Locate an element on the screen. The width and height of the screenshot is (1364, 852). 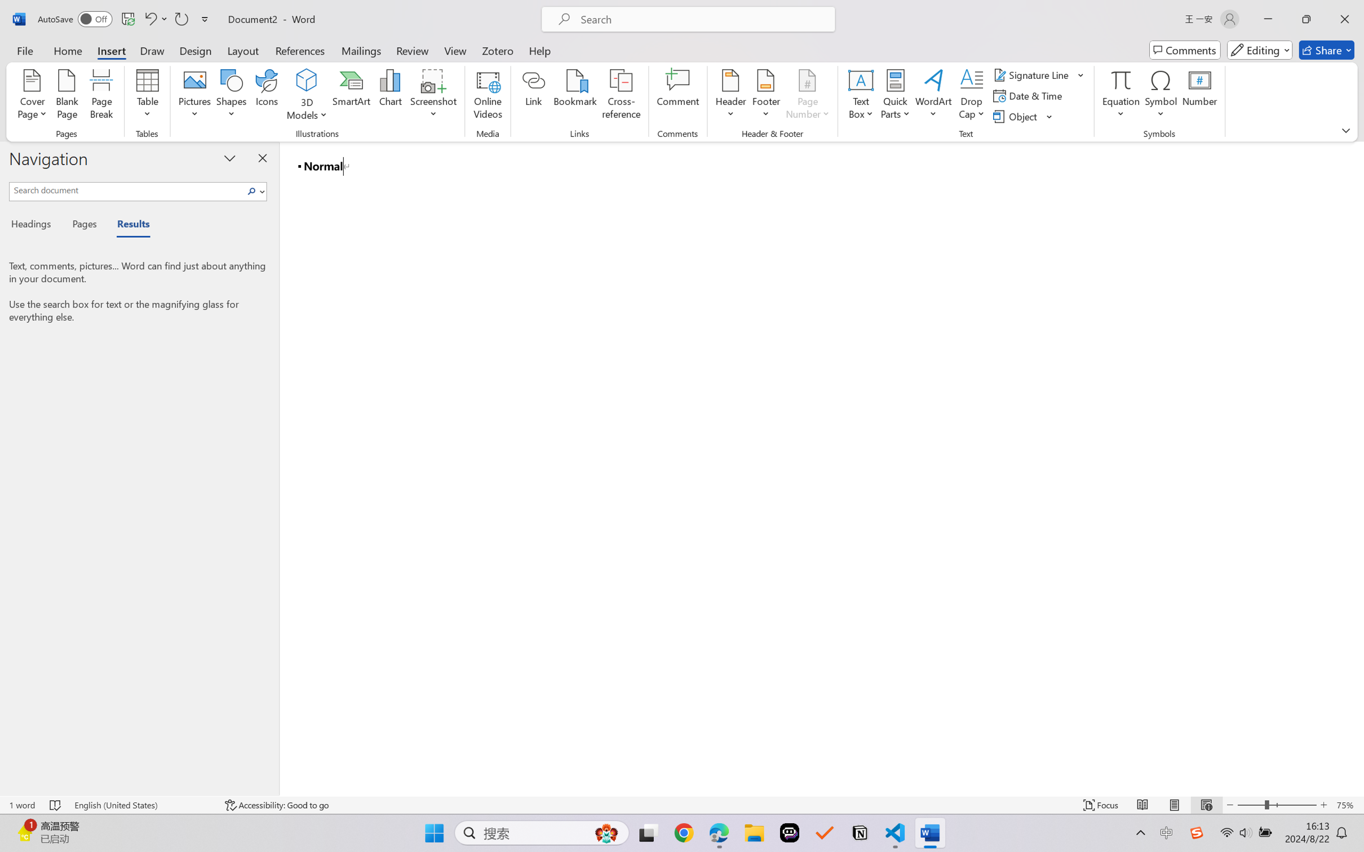
'Pages' is located at coordinates (83, 226).